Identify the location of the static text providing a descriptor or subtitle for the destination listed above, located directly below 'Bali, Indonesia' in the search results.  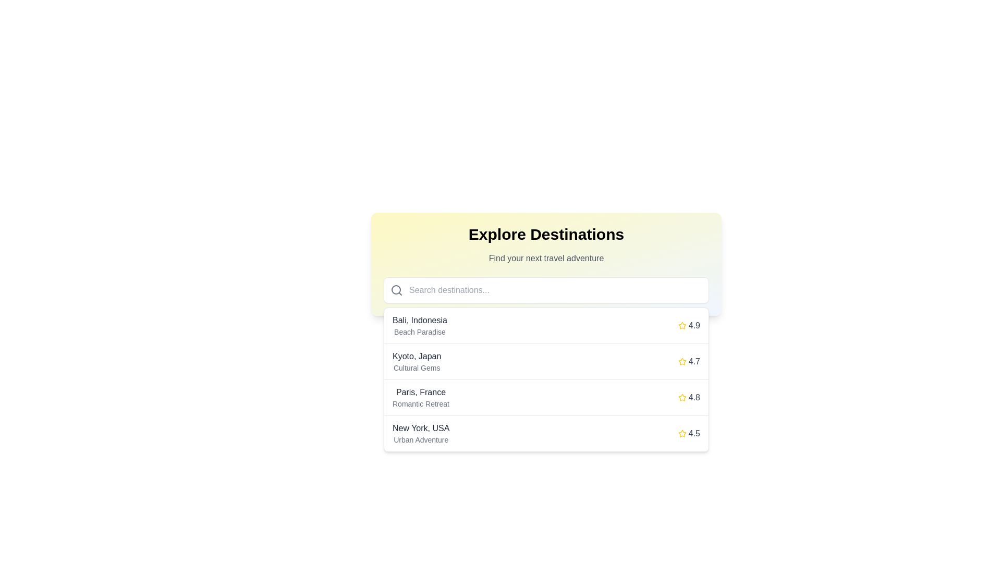
(420, 332).